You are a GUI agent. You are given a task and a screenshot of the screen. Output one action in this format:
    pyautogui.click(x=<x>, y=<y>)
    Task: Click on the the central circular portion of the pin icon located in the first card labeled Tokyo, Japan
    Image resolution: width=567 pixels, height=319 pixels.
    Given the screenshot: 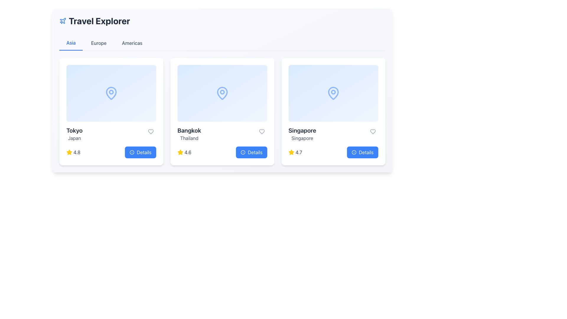 What is the action you would take?
    pyautogui.click(x=111, y=92)
    